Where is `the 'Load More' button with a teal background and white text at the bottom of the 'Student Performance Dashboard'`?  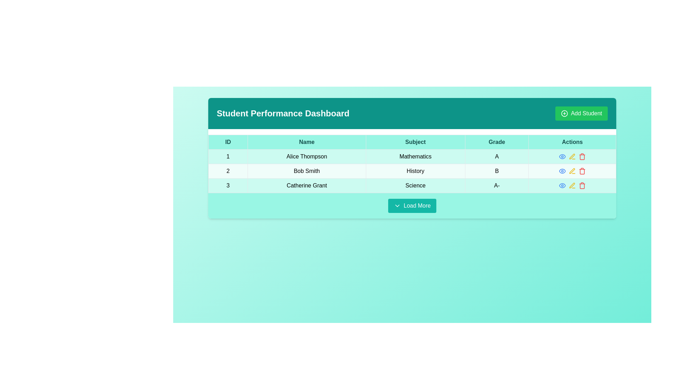
the 'Load More' button with a teal background and white text at the bottom of the 'Student Performance Dashboard' is located at coordinates (412, 206).